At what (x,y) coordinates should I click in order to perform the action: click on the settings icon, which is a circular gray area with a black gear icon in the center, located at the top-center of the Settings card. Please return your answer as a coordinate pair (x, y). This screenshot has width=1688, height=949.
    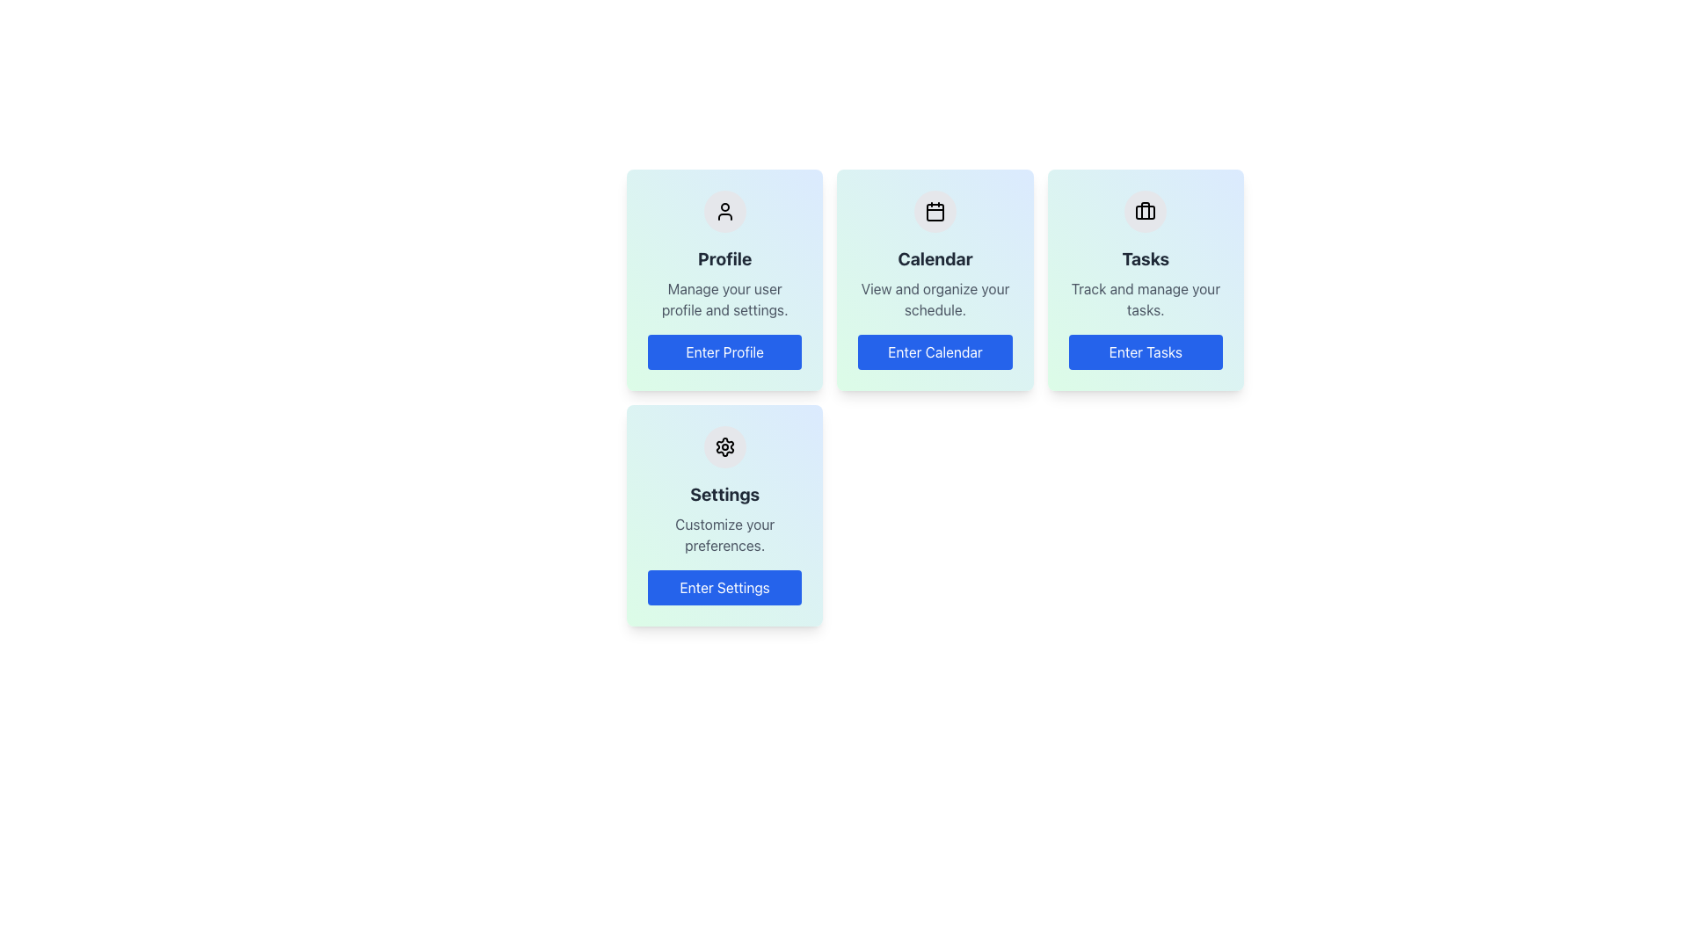
    Looking at the image, I should click on (724, 446).